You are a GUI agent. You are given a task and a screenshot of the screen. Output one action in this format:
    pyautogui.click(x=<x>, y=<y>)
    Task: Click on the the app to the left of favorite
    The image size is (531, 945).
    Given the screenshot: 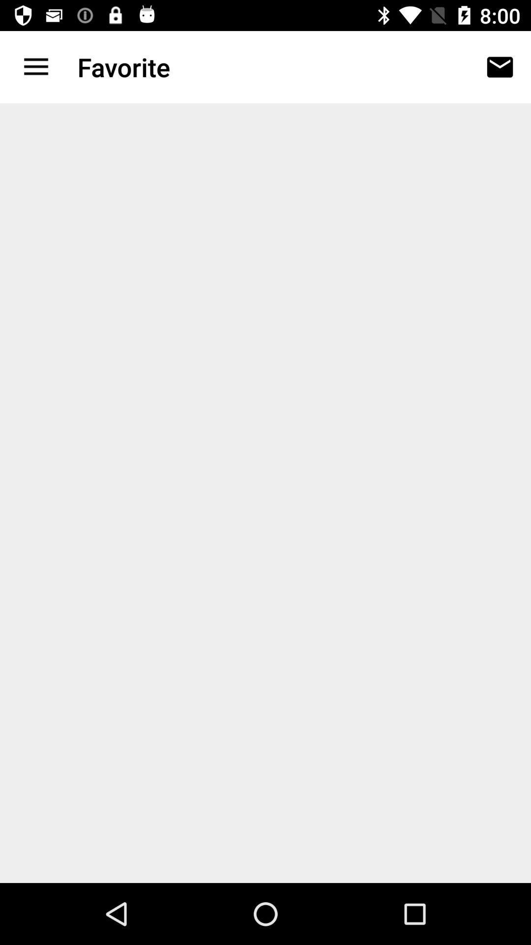 What is the action you would take?
    pyautogui.click(x=35, y=66)
    